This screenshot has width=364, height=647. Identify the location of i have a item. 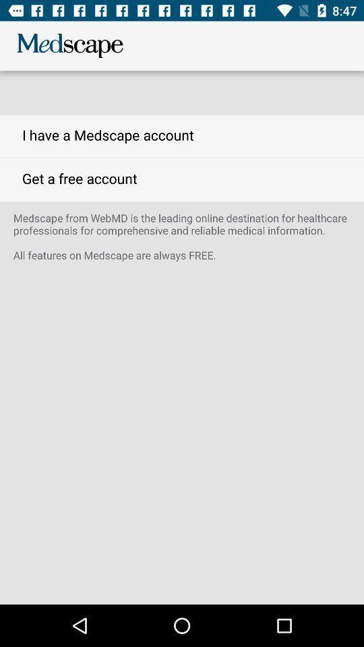
(182, 136).